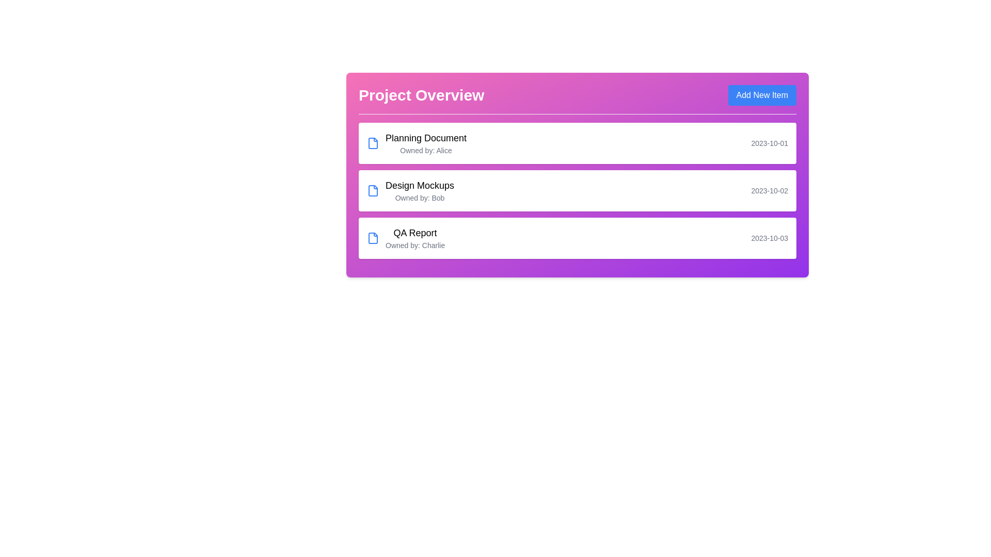  I want to click on the Text label displaying the date '2023-10-03' in the bottom-right corner of the 'QA Report' card, so click(770, 238).